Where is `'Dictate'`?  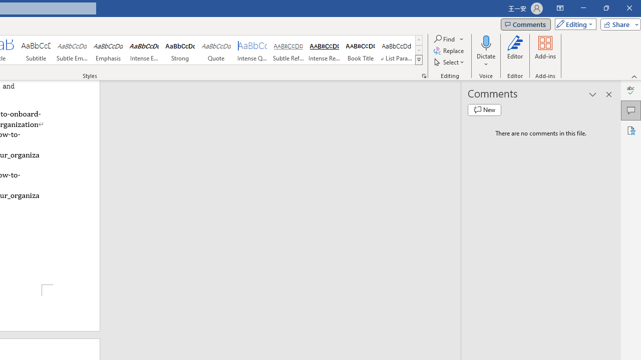
'Dictate' is located at coordinates (486, 51).